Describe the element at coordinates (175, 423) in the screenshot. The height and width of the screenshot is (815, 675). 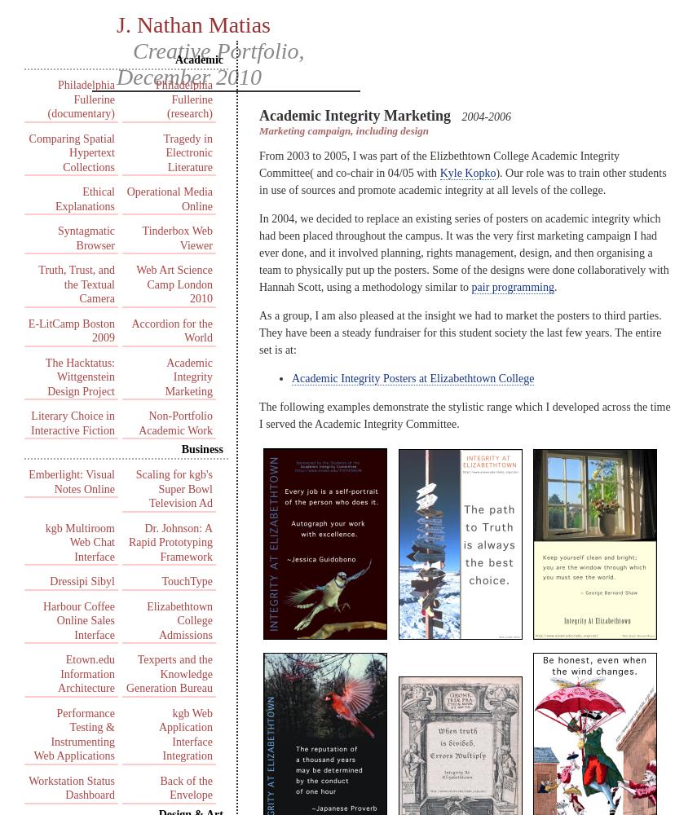
I see `'Non-Portfolio Academic Work'` at that location.